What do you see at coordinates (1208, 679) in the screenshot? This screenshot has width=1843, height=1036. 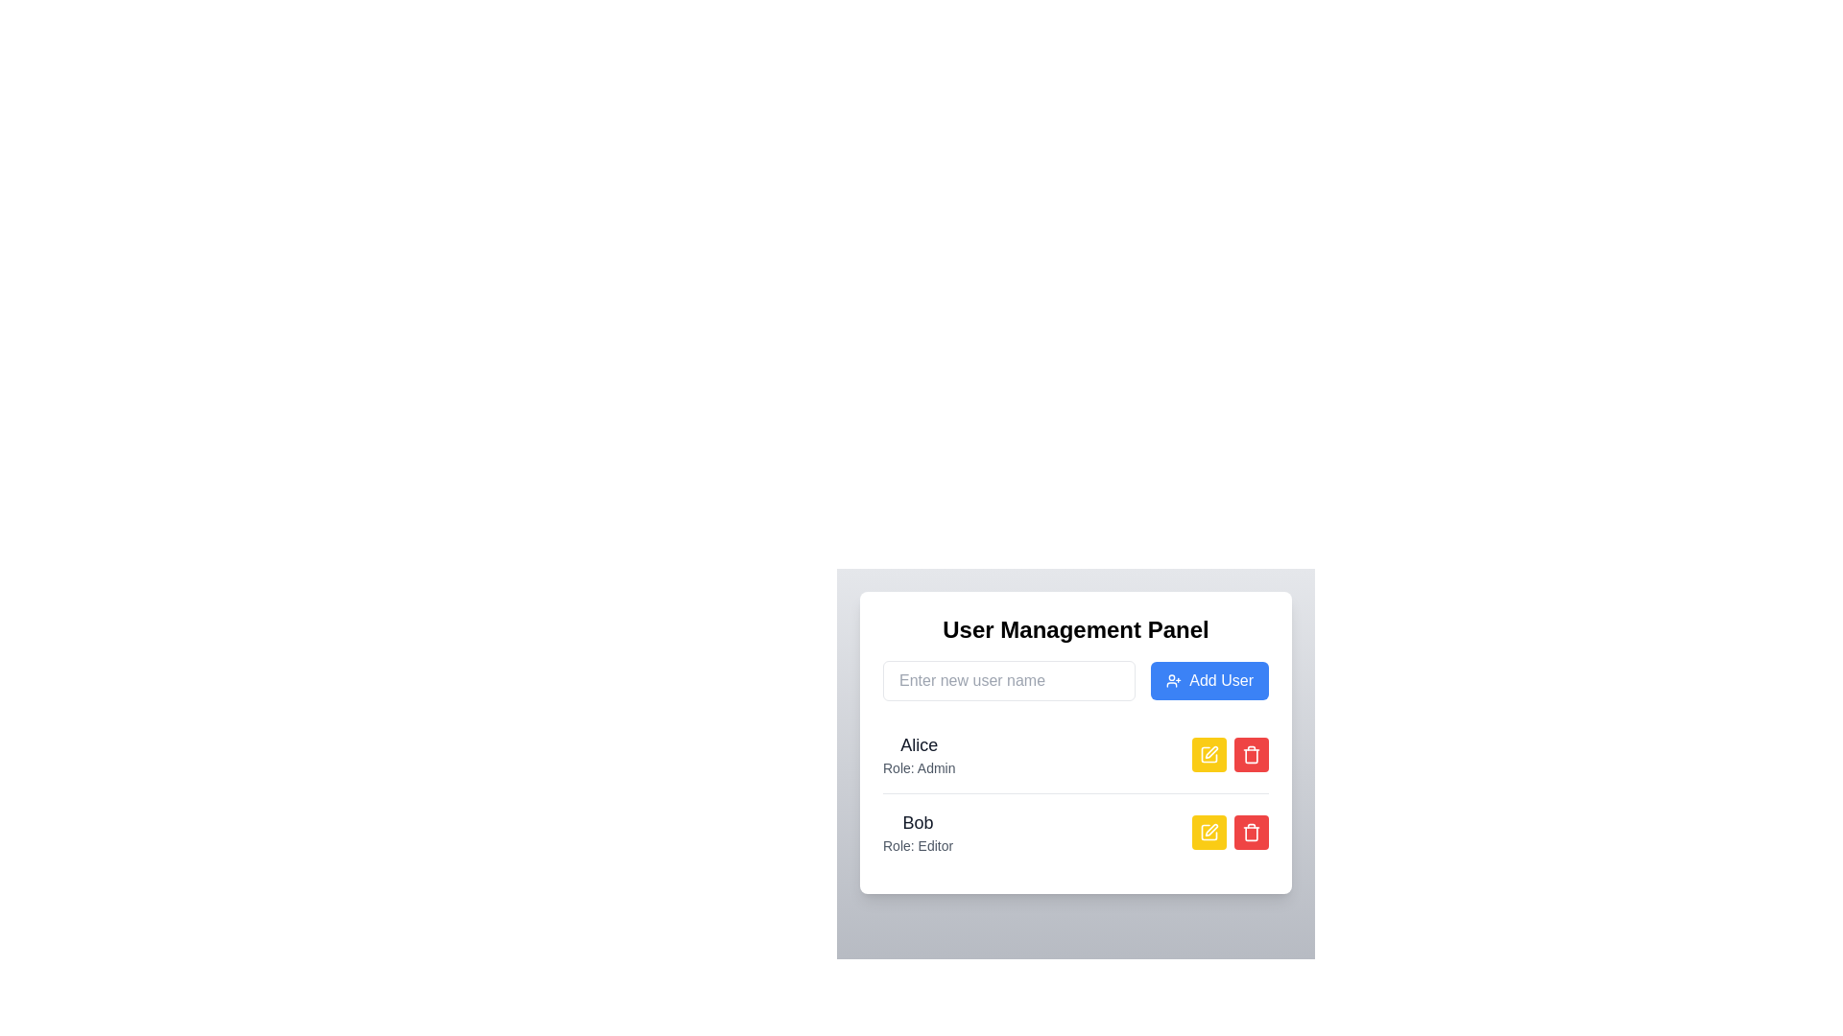 I see `the submit button located to the right of the username input field` at bounding box center [1208, 679].